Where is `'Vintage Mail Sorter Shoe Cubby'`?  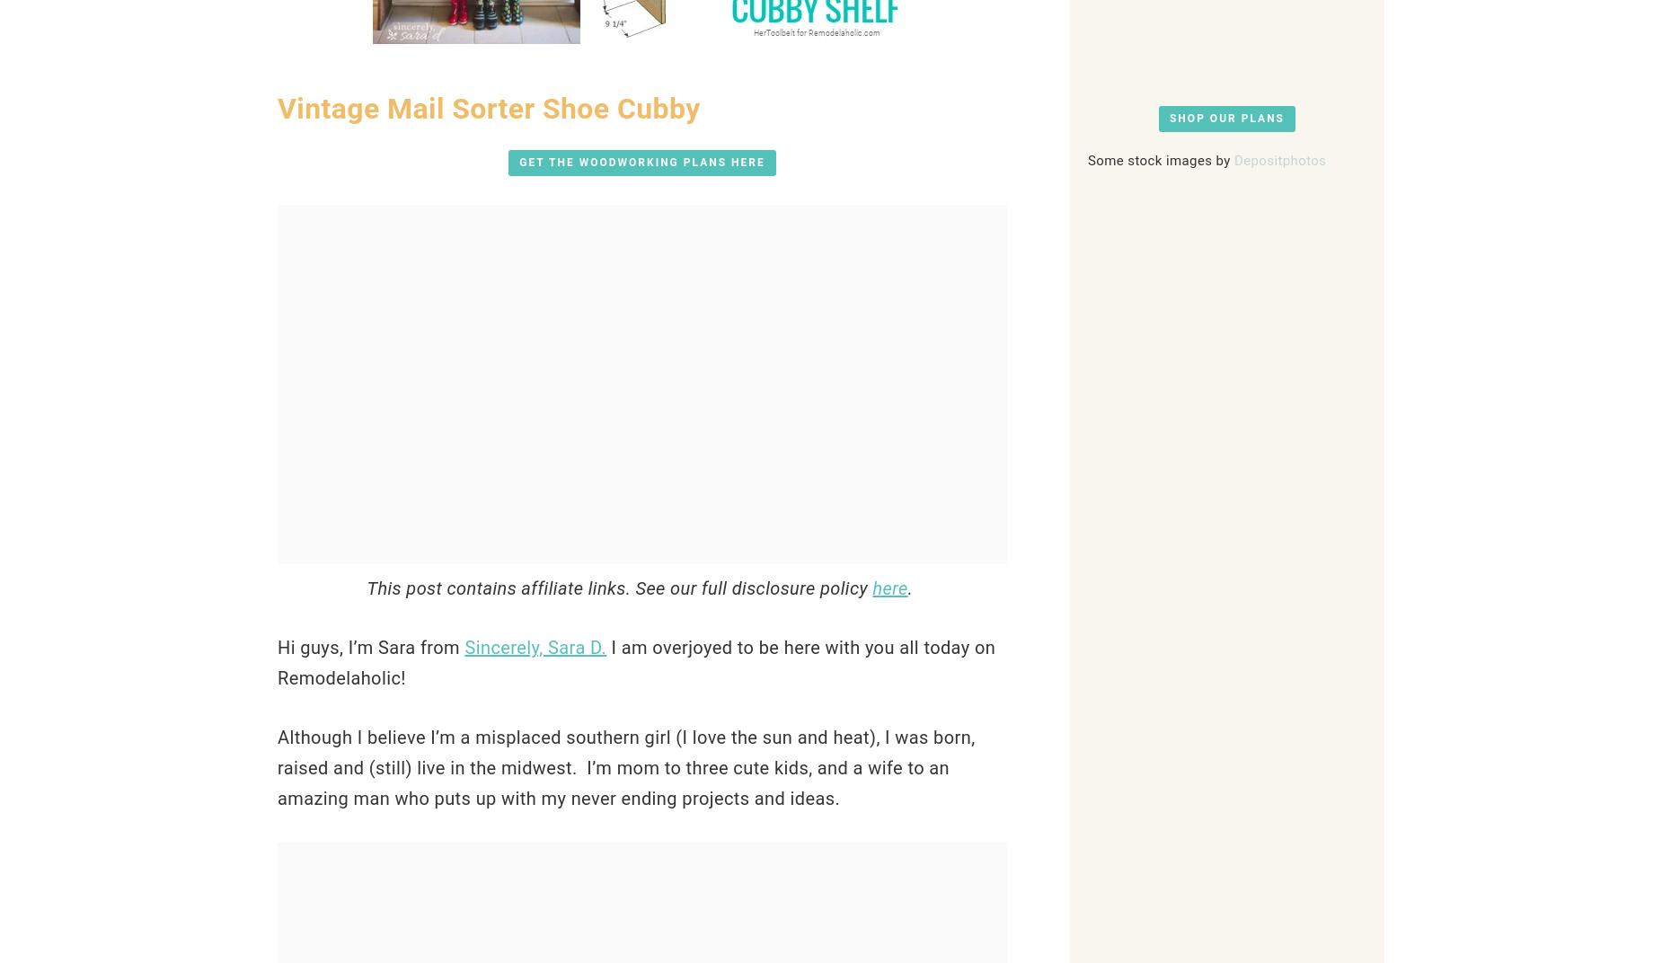 'Vintage Mail Sorter Shoe Cubby' is located at coordinates (489, 109).